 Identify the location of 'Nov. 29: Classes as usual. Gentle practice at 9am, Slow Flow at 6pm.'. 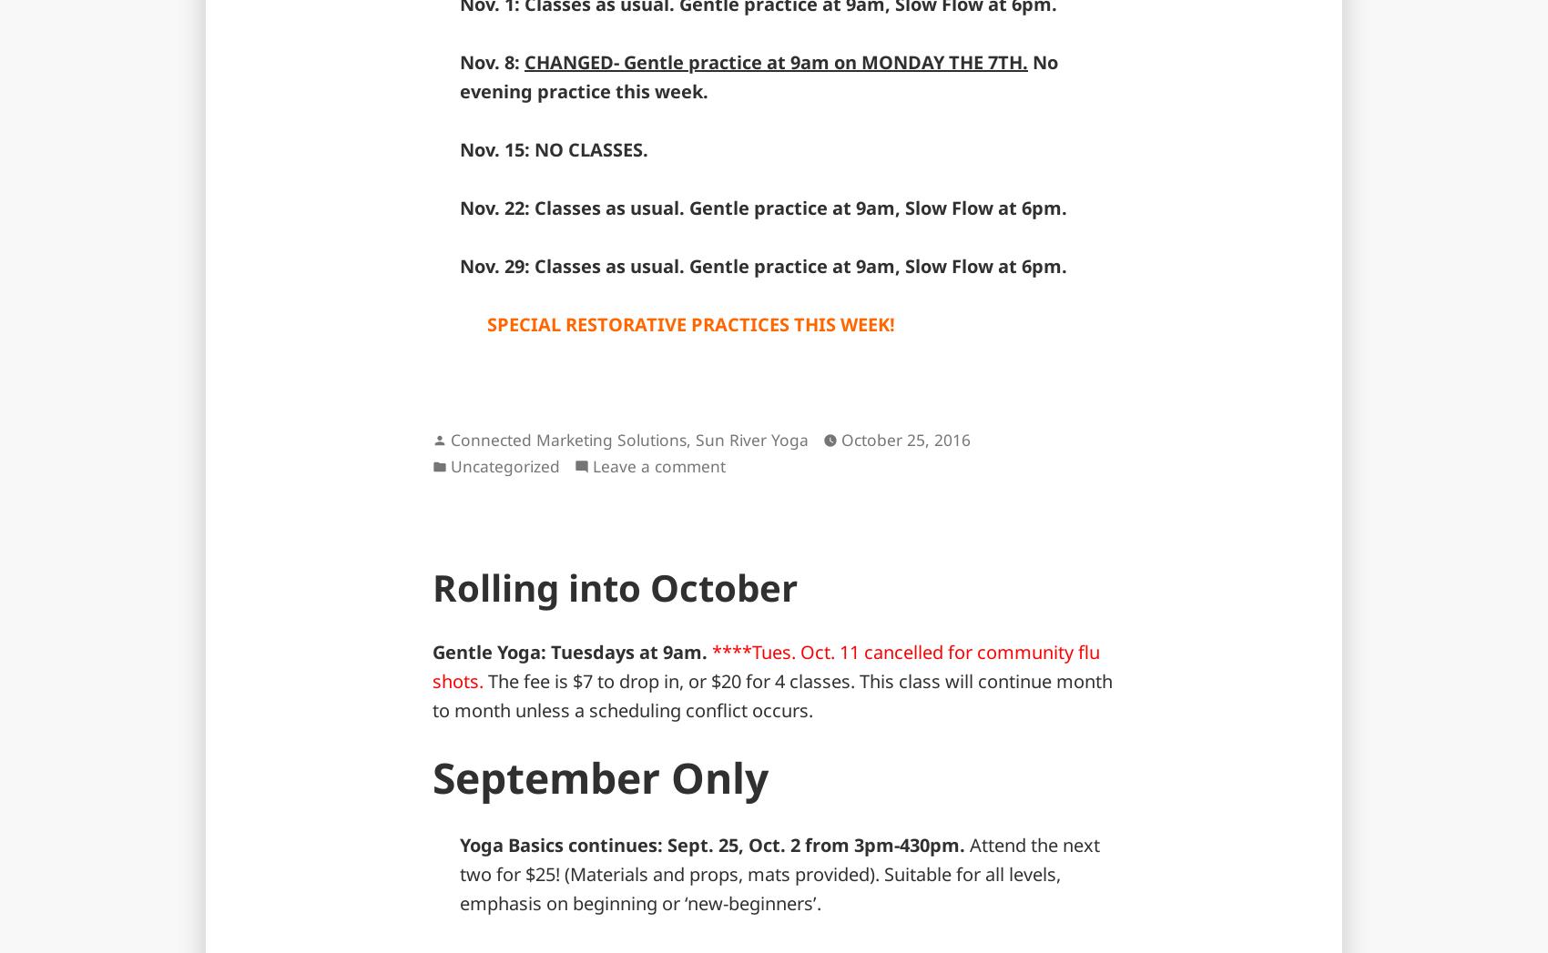
(460, 264).